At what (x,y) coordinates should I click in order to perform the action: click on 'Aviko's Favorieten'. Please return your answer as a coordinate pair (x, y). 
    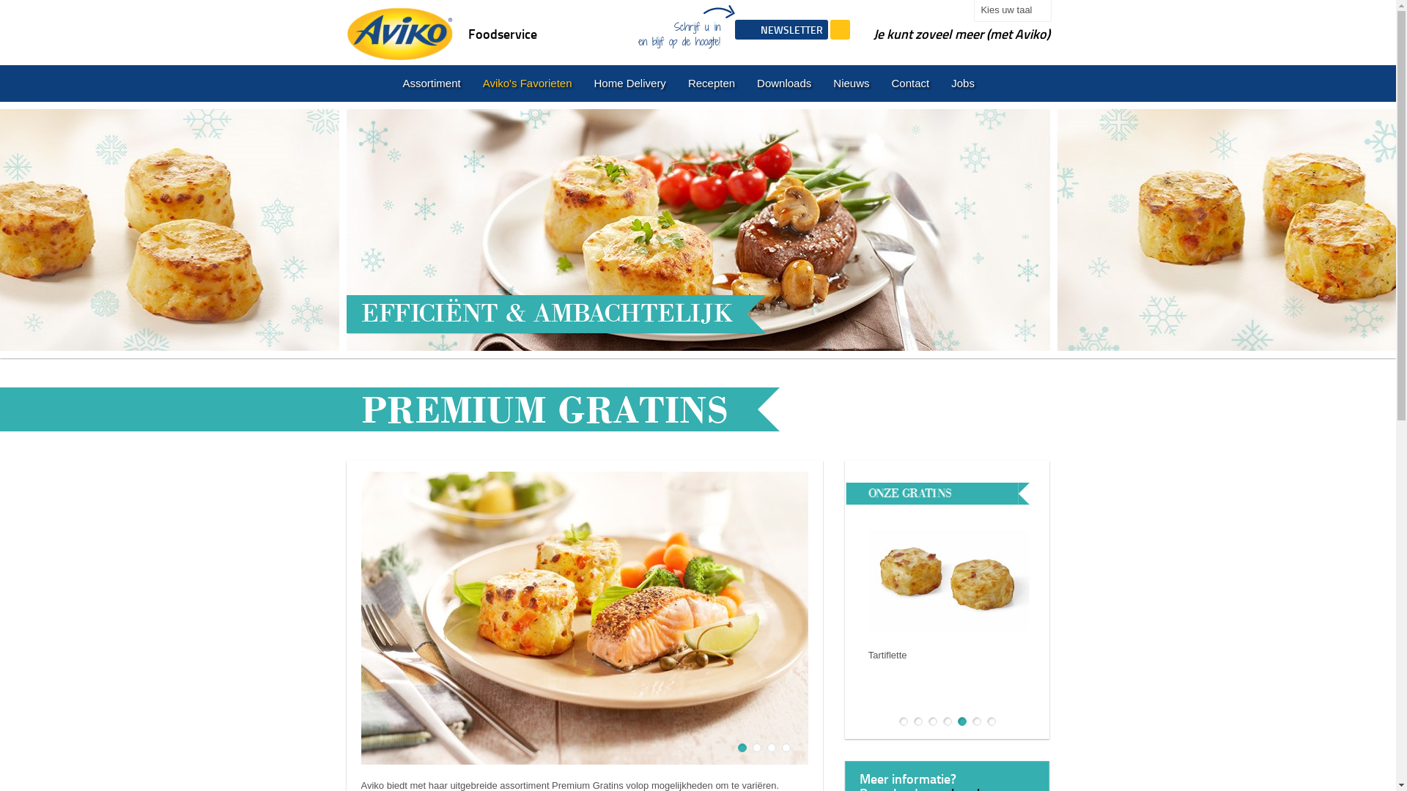
    Looking at the image, I should click on (528, 83).